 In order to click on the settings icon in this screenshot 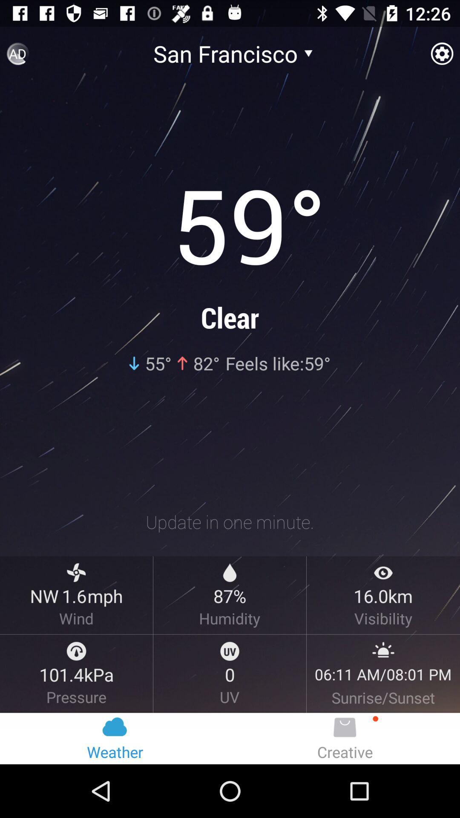, I will do `click(441, 57)`.